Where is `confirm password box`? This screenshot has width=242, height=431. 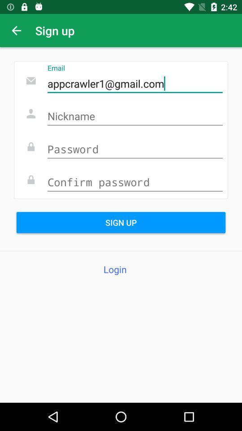 confirm password box is located at coordinates (134, 182).